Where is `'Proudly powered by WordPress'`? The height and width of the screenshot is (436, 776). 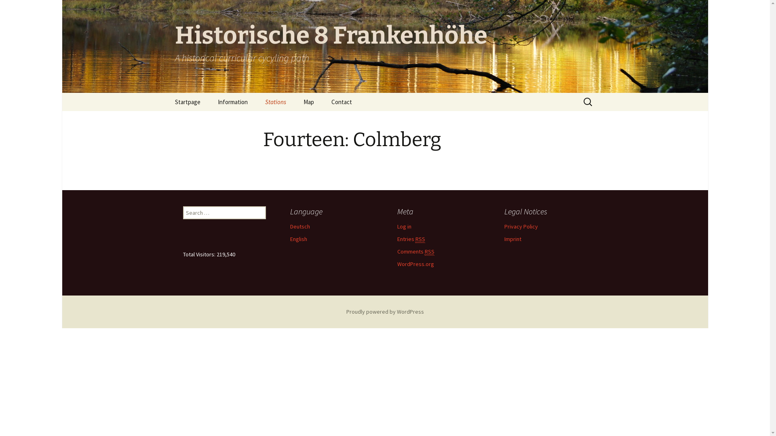 'Proudly powered by WordPress' is located at coordinates (384, 311).